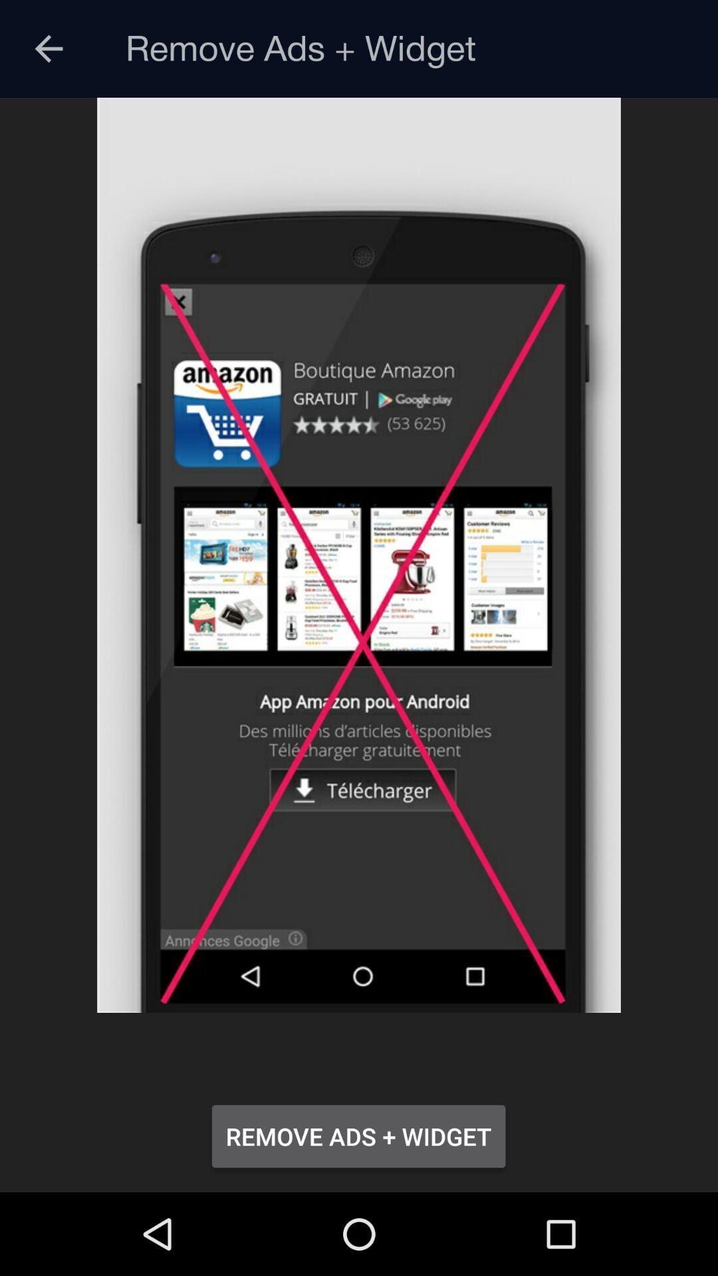  Describe the element at coordinates (48, 49) in the screenshot. I see `icon to the left of remove ads + widget` at that location.